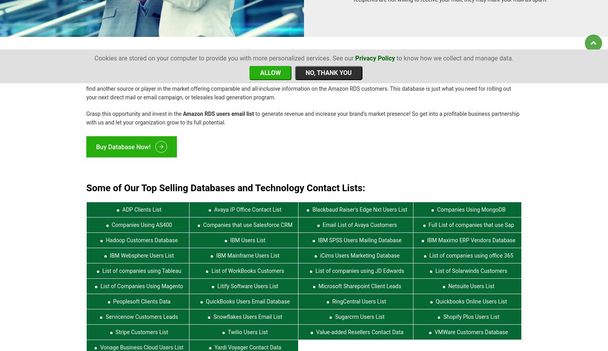 The width and height of the screenshot is (608, 351). I want to click on 'Yardi Voyager Contact Data', so click(247, 342).